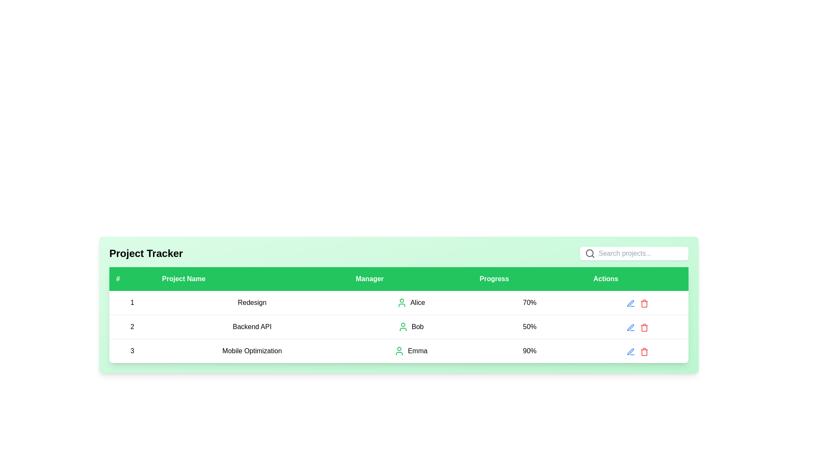  Describe the element at coordinates (644, 352) in the screenshot. I see `the delete icon button located in the 'Actions' column of the project tracker interface to change its color appearance` at that location.